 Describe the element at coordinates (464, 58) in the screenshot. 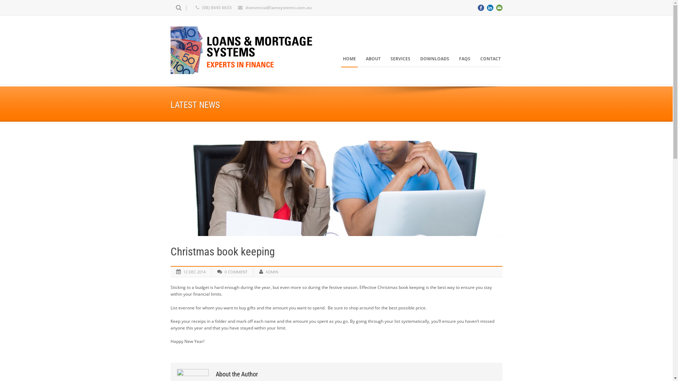

I see `'FAQS'` at that location.